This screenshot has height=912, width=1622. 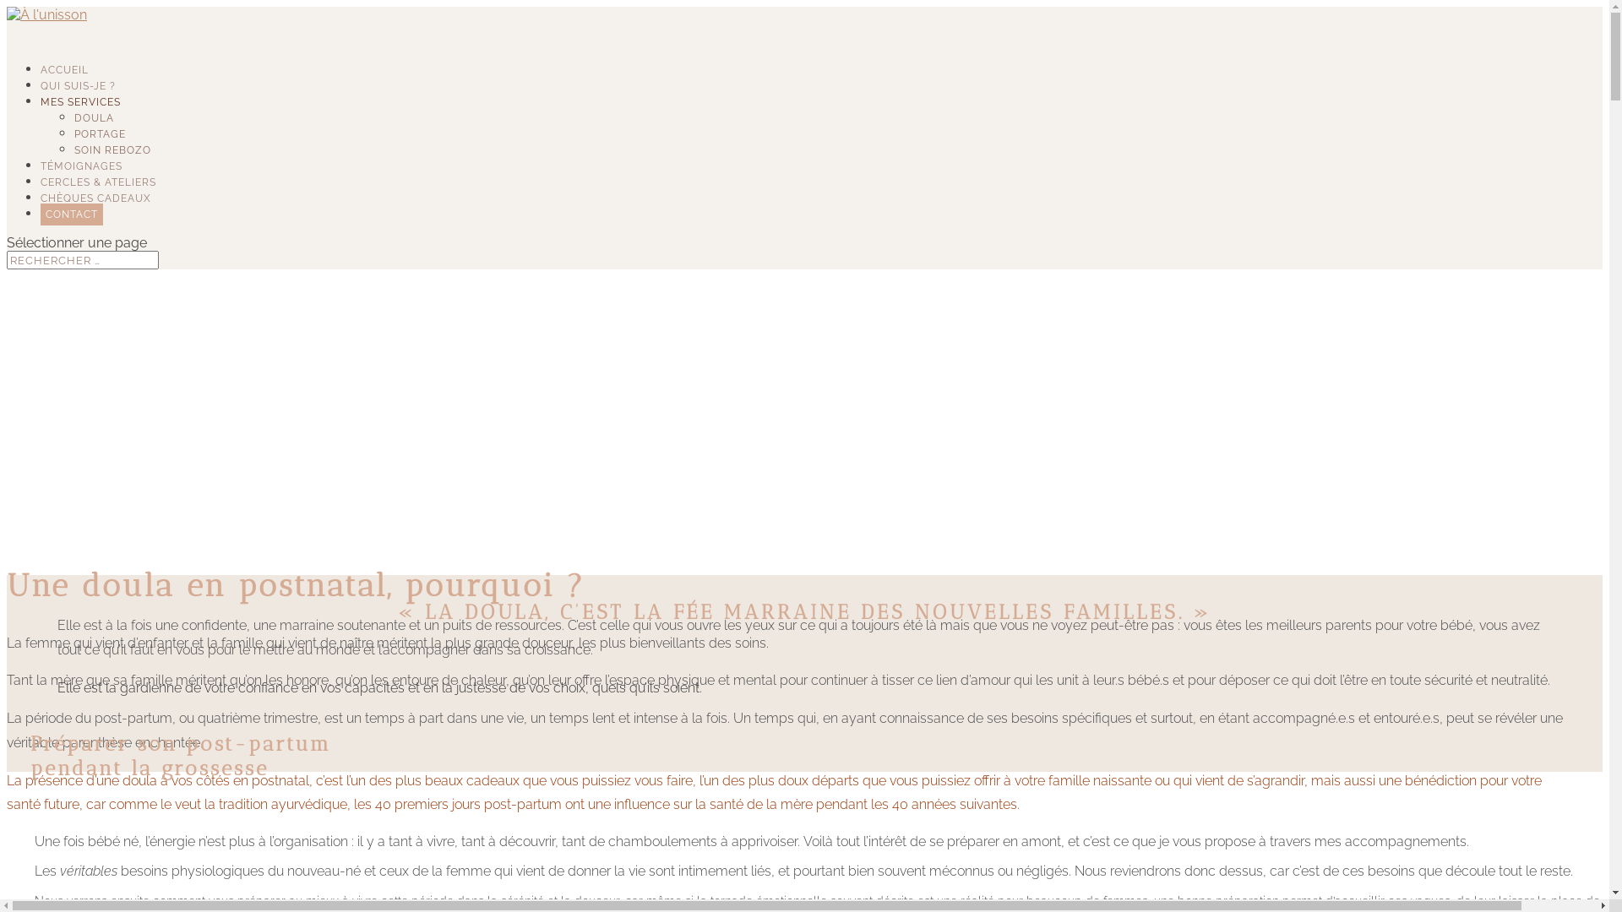 I want to click on 'CERCLES & ATELIERS', so click(x=41, y=193).